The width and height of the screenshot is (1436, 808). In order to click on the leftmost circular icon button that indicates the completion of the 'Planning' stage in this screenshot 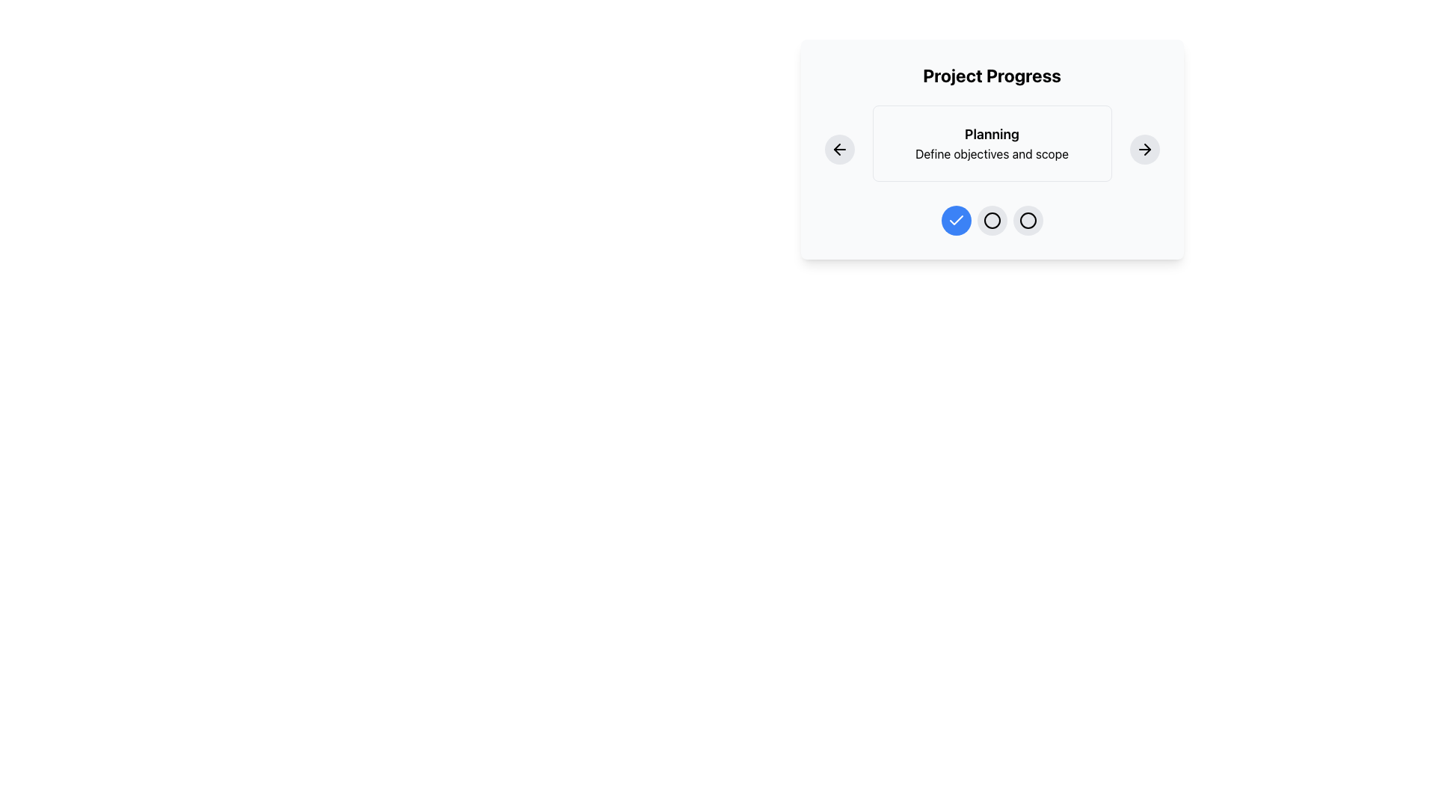, I will do `click(955, 220)`.